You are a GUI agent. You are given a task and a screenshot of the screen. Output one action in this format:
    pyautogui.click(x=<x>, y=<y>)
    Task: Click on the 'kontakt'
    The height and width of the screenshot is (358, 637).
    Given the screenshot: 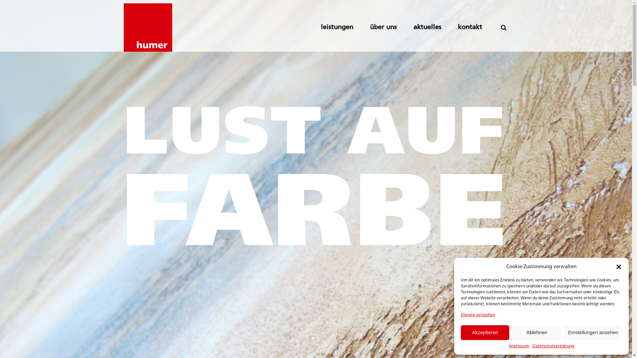 What is the action you would take?
    pyautogui.click(x=458, y=27)
    